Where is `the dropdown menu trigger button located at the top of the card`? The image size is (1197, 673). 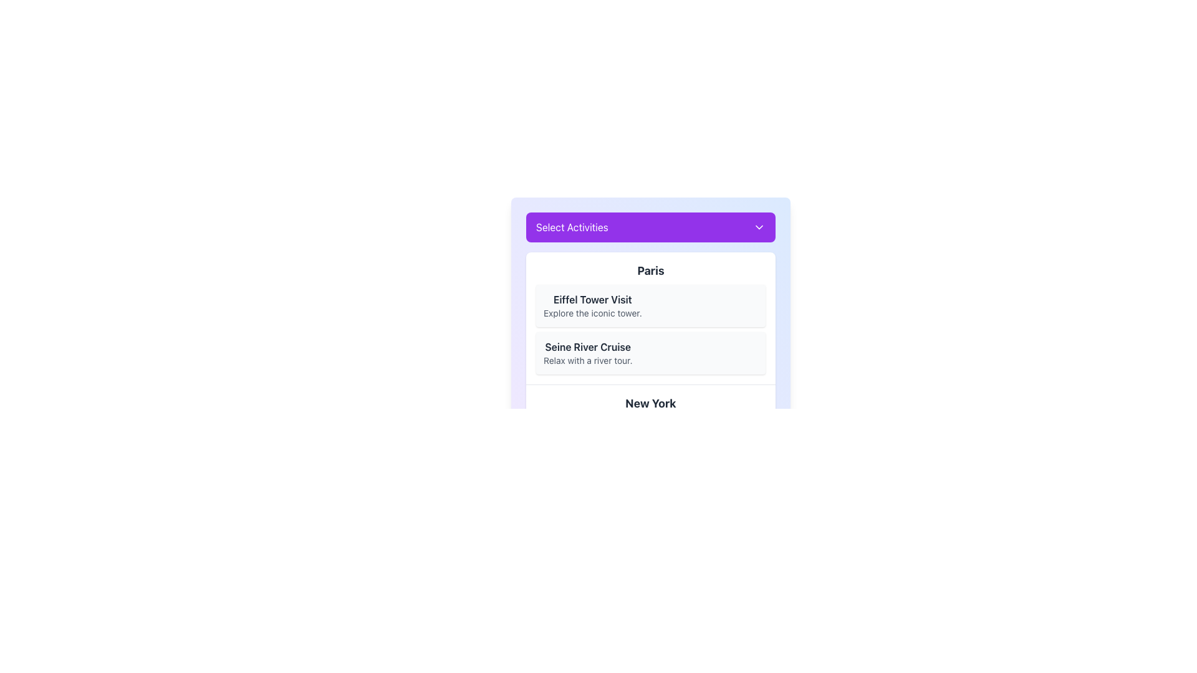
the dropdown menu trigger button located at the top of the card is located at coordinates (650, 227).